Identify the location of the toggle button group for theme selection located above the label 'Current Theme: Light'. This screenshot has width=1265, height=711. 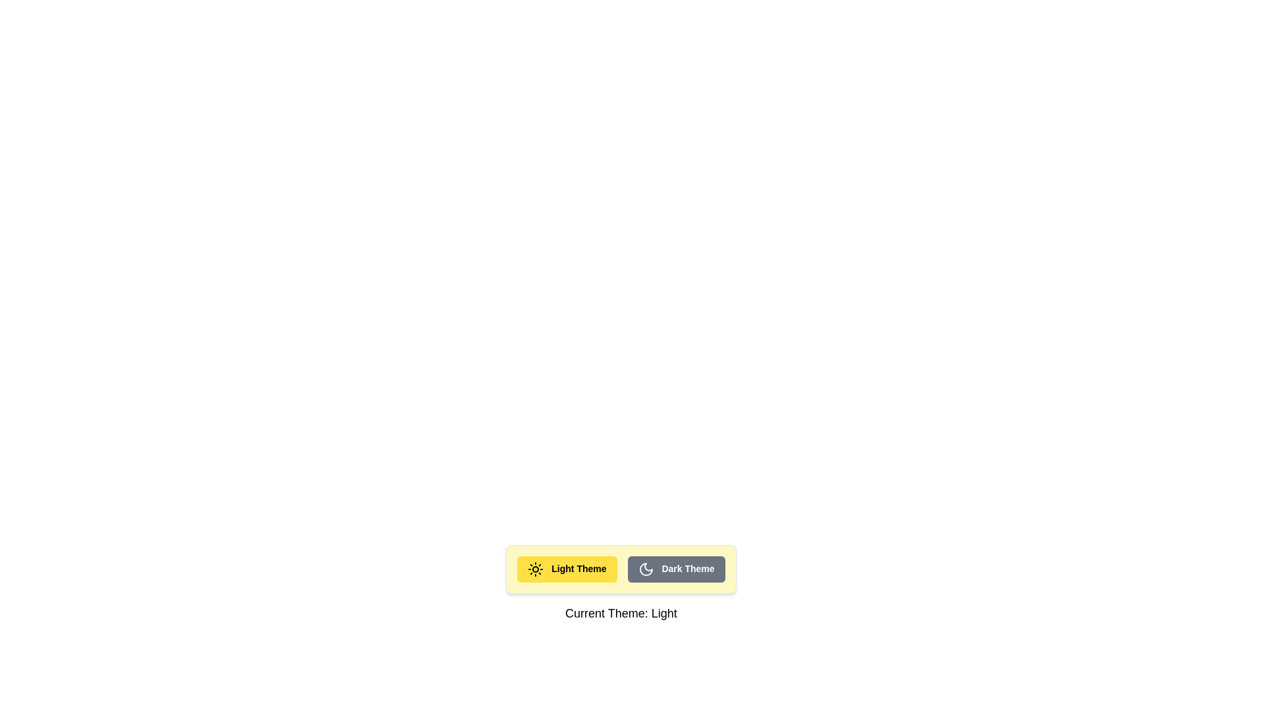
(620, 568).